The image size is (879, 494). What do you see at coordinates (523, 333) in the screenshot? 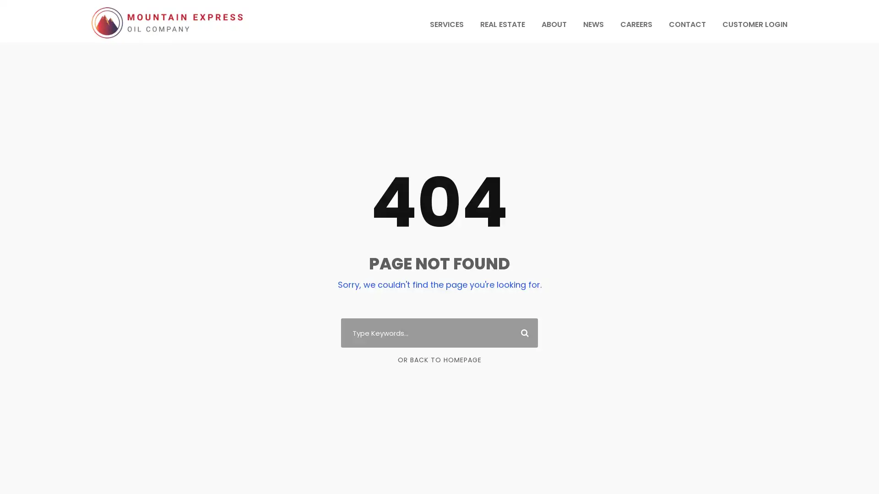
I see `Search` at bounding box center [523, 333].